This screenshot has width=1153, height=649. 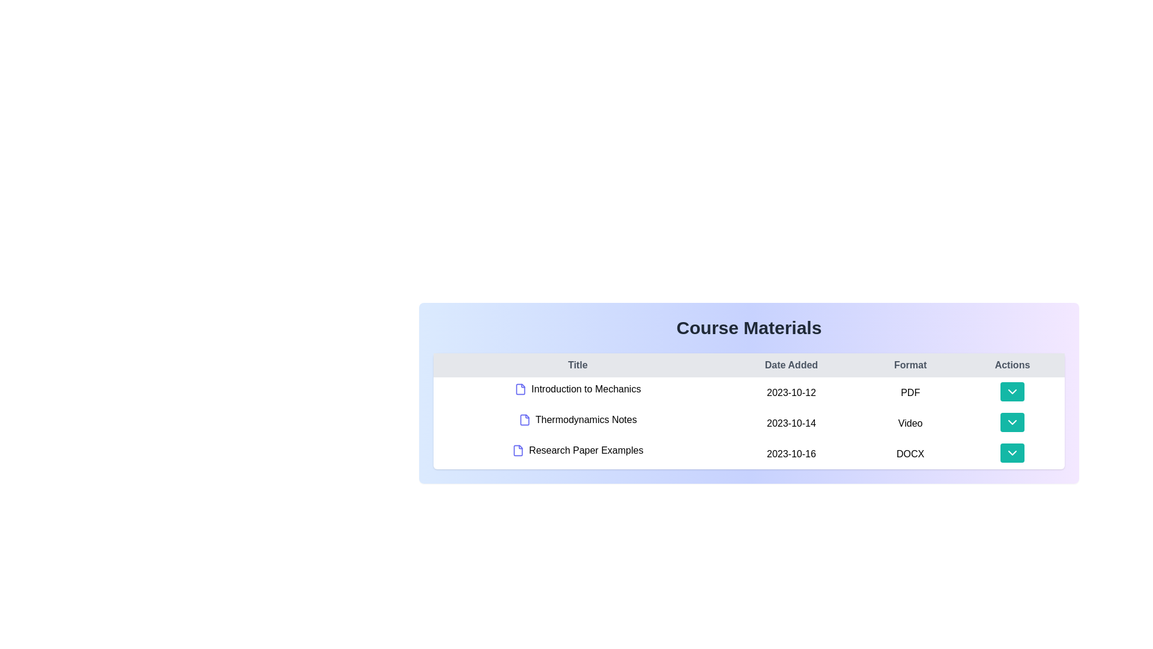 What do you see at coordinates (791, 365) in the screenshot?
I see `the 'Date Added' table header label, which is a bold gray text centered in the table header row between 'Title' and 'Format'` at bounding box center [791, 365].